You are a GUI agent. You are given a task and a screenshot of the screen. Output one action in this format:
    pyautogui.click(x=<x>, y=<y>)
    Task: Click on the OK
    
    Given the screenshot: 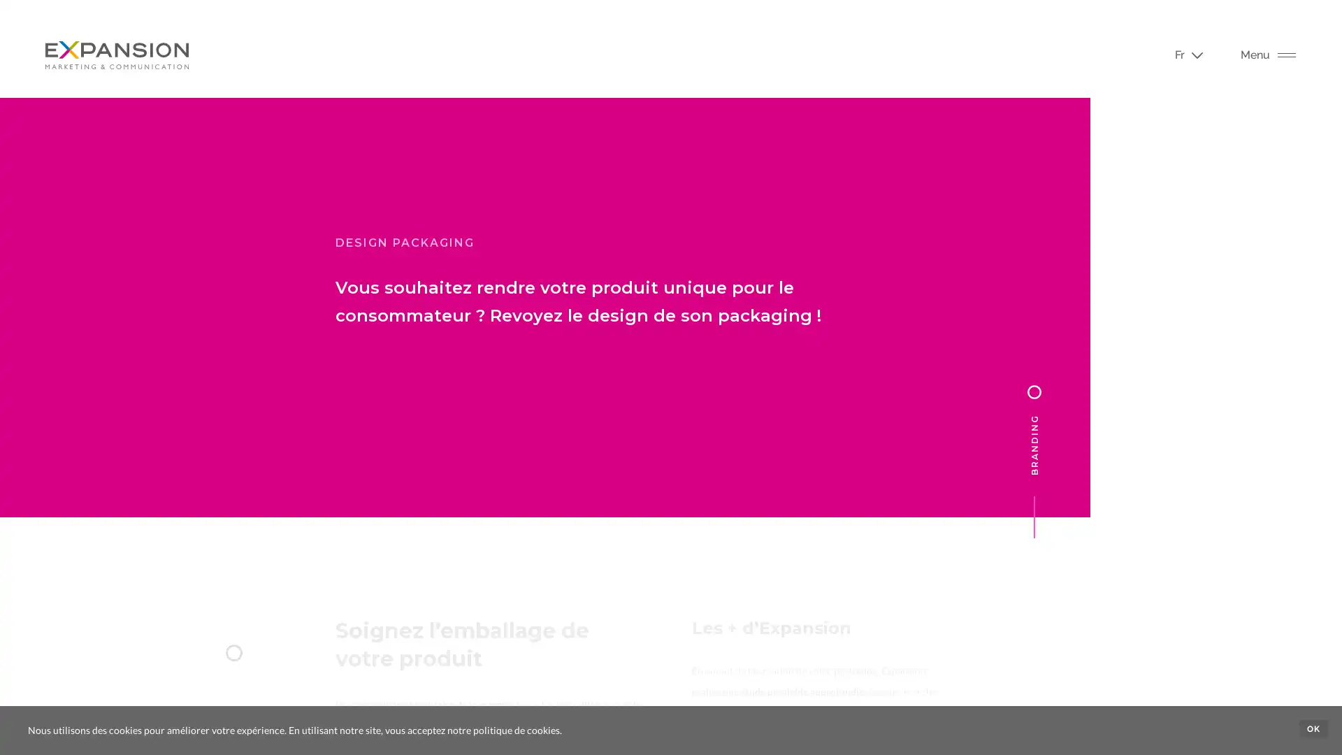 What is the action you would take?
    pyautogui.click(x=1313, y=728)
    